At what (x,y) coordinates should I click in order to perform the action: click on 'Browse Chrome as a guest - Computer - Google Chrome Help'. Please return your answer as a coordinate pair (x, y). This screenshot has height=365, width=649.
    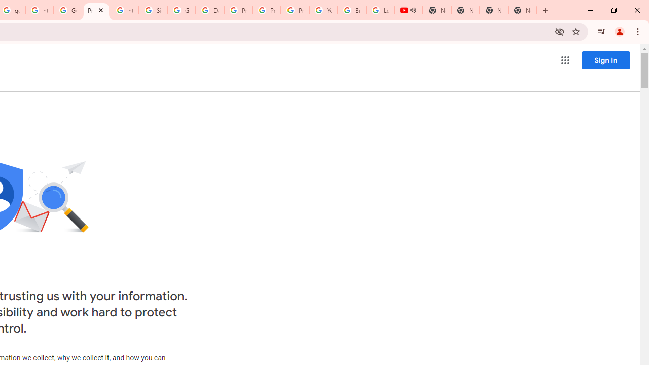
    Looking at the image, I should click on (351, 10).